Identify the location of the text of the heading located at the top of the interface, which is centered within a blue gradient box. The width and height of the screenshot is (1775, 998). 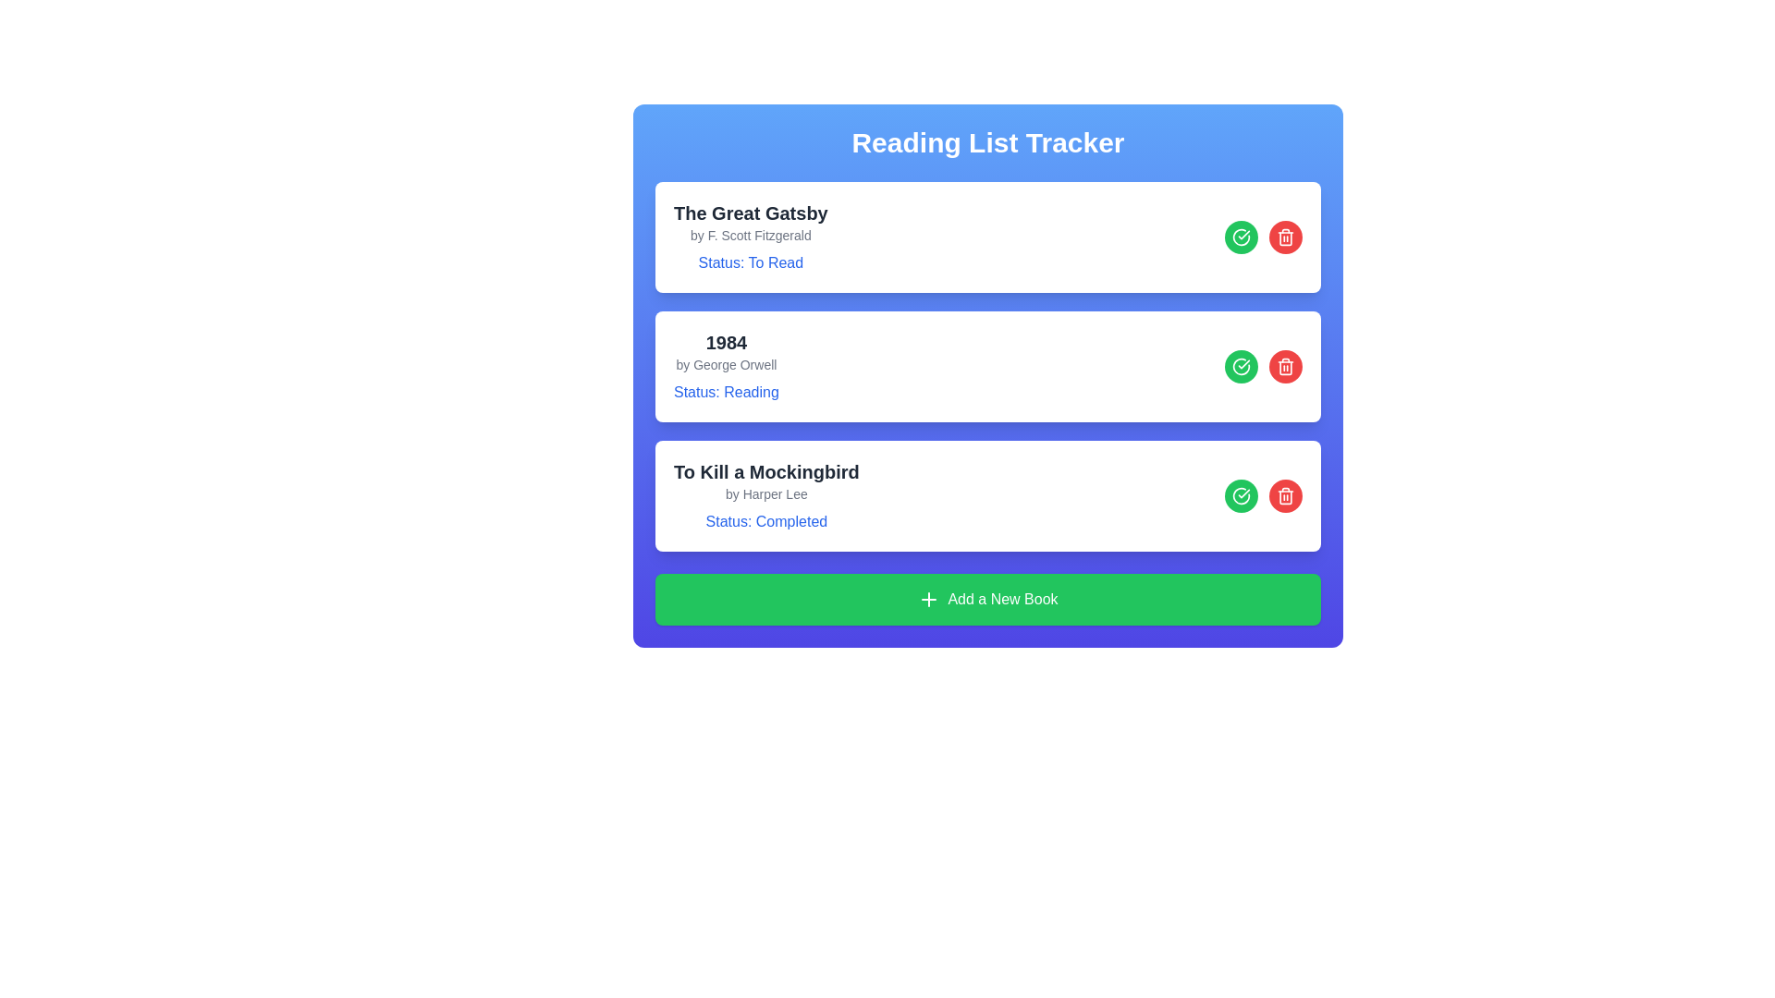
(987, 141).